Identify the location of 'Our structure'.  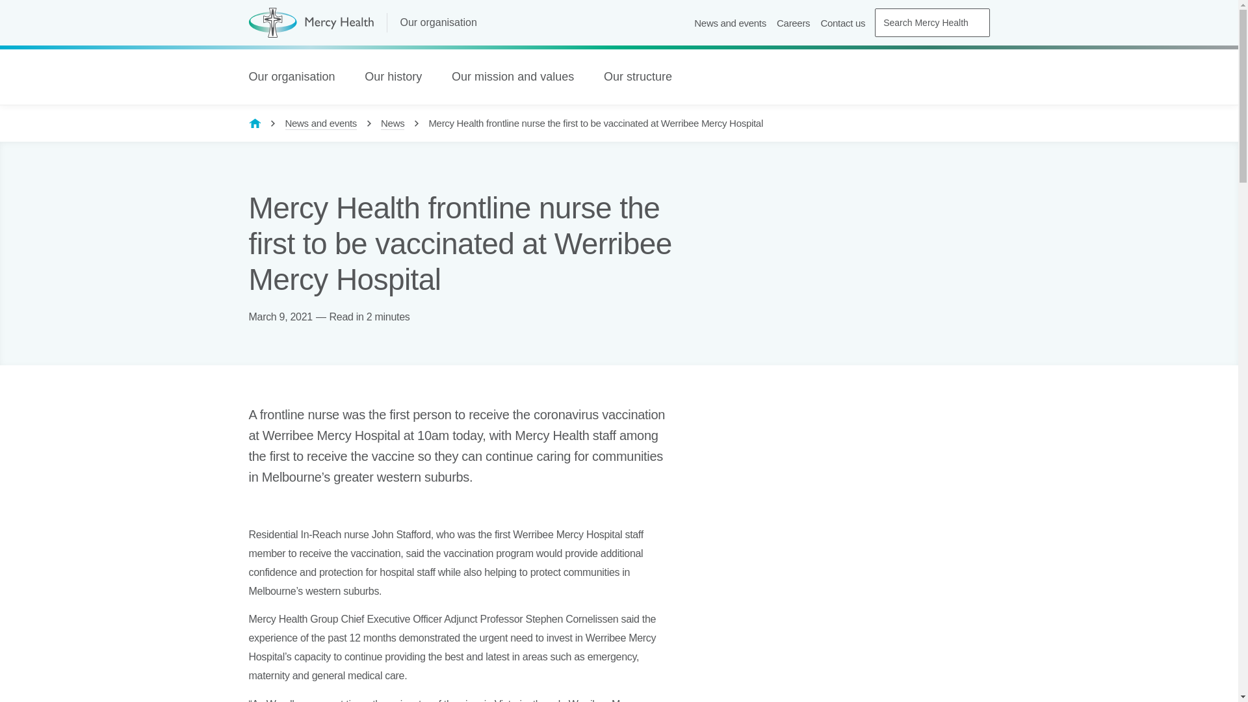
(643, 77).